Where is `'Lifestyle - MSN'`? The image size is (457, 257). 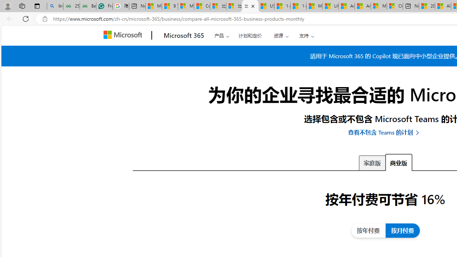
'Lifestyle - MSN' is located at coordinates (330, 6).